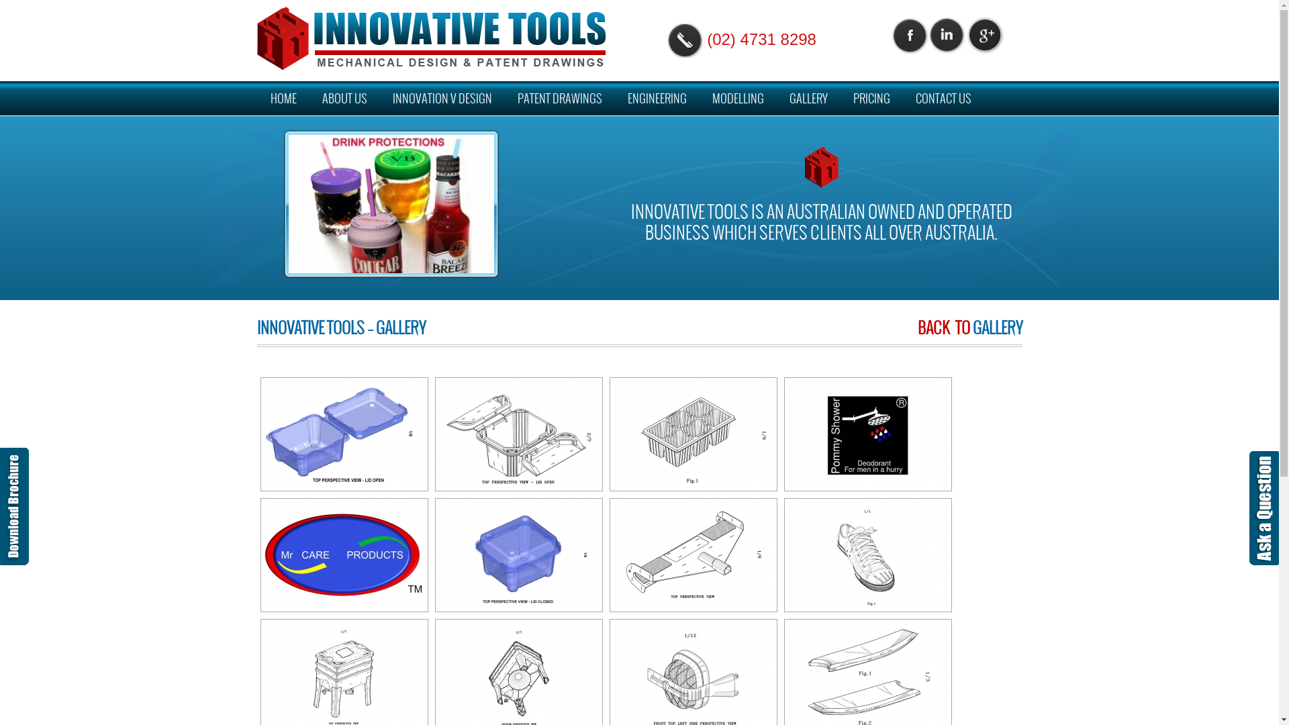 The height and width of the screenshot is (725, 1289). What do you see at coordinates (441, 97) in the screenshot?
I see `'INNOVATION V DESIGN'` at bounding box center [441, 97].